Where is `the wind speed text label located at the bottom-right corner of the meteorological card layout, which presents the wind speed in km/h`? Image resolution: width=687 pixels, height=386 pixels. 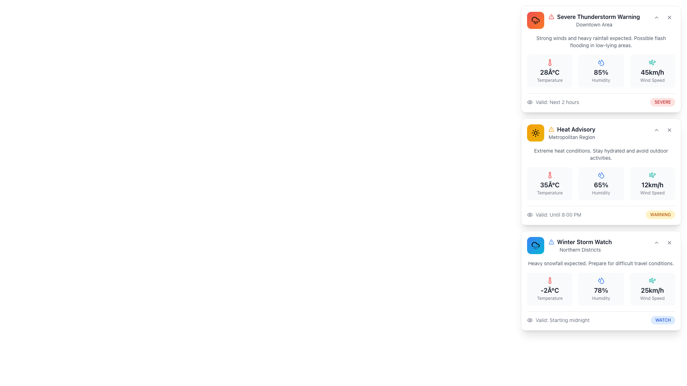 the wind speed text label located at the bottom-right corner of the meteorological card layout, which presents the wind speed in km/h is located at coordinates (652, 291).